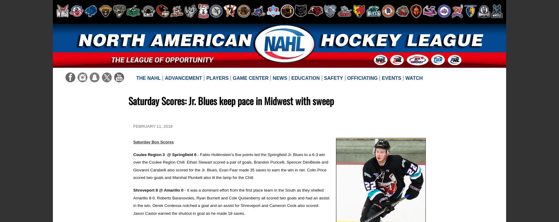  What do you see at coordinates (217, 77) in the screenshot?
I see `'Players'` at bounding box center [217, 77].